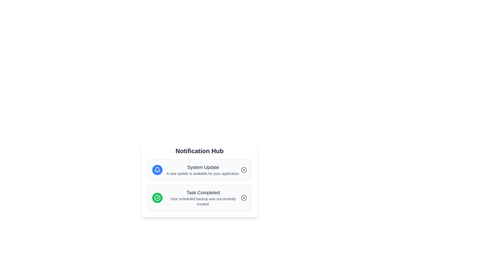 The image size is (497, 279). What do you see at coordinates (203, 173) in the screenshot?
I see `the informational text display about the system update located below the 'System Update' title in the notification card` at bounding box center [203, 173].